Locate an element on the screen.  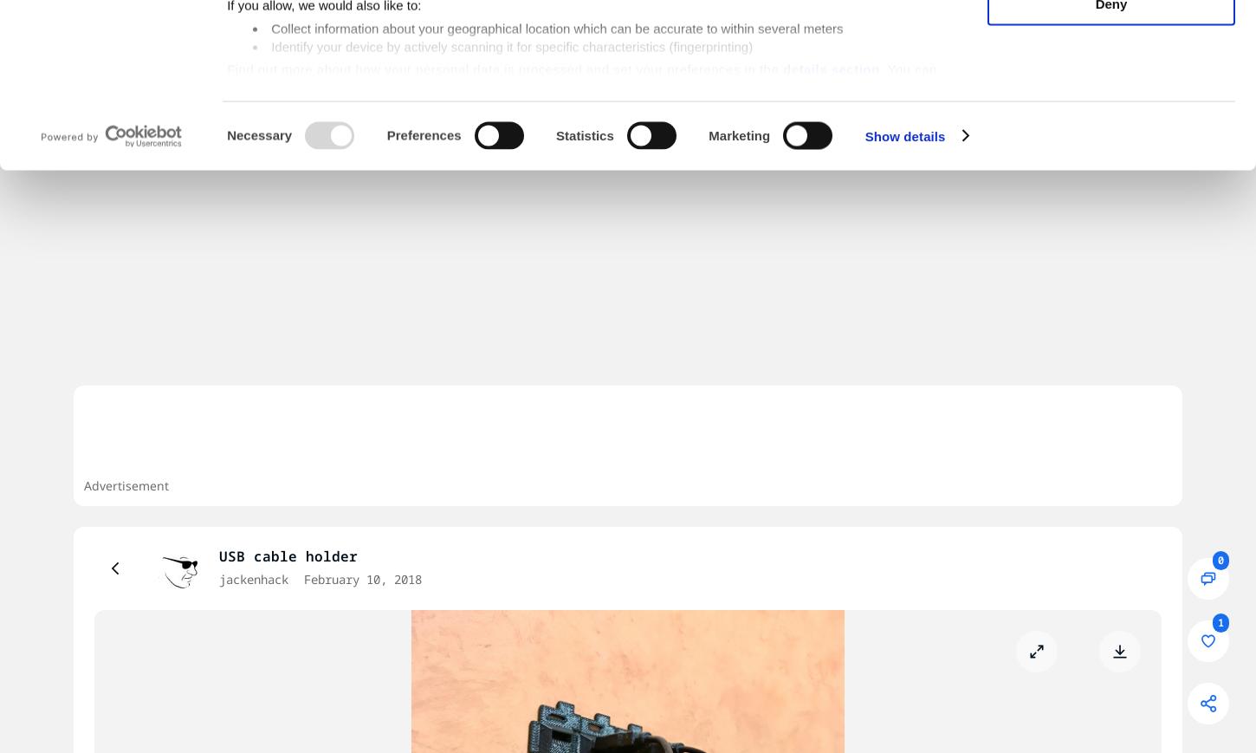
'Preferences' is located at coordinates (423, 274).